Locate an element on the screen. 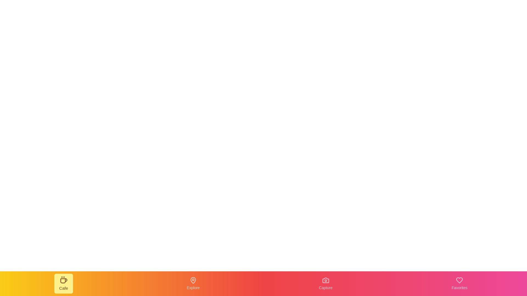 The image size is (527, 296). the navigation item labeled Cafe is located at coordinates (63, 283).